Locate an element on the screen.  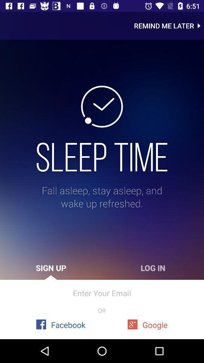
enter your email icon is located at coordinates (102, 293).